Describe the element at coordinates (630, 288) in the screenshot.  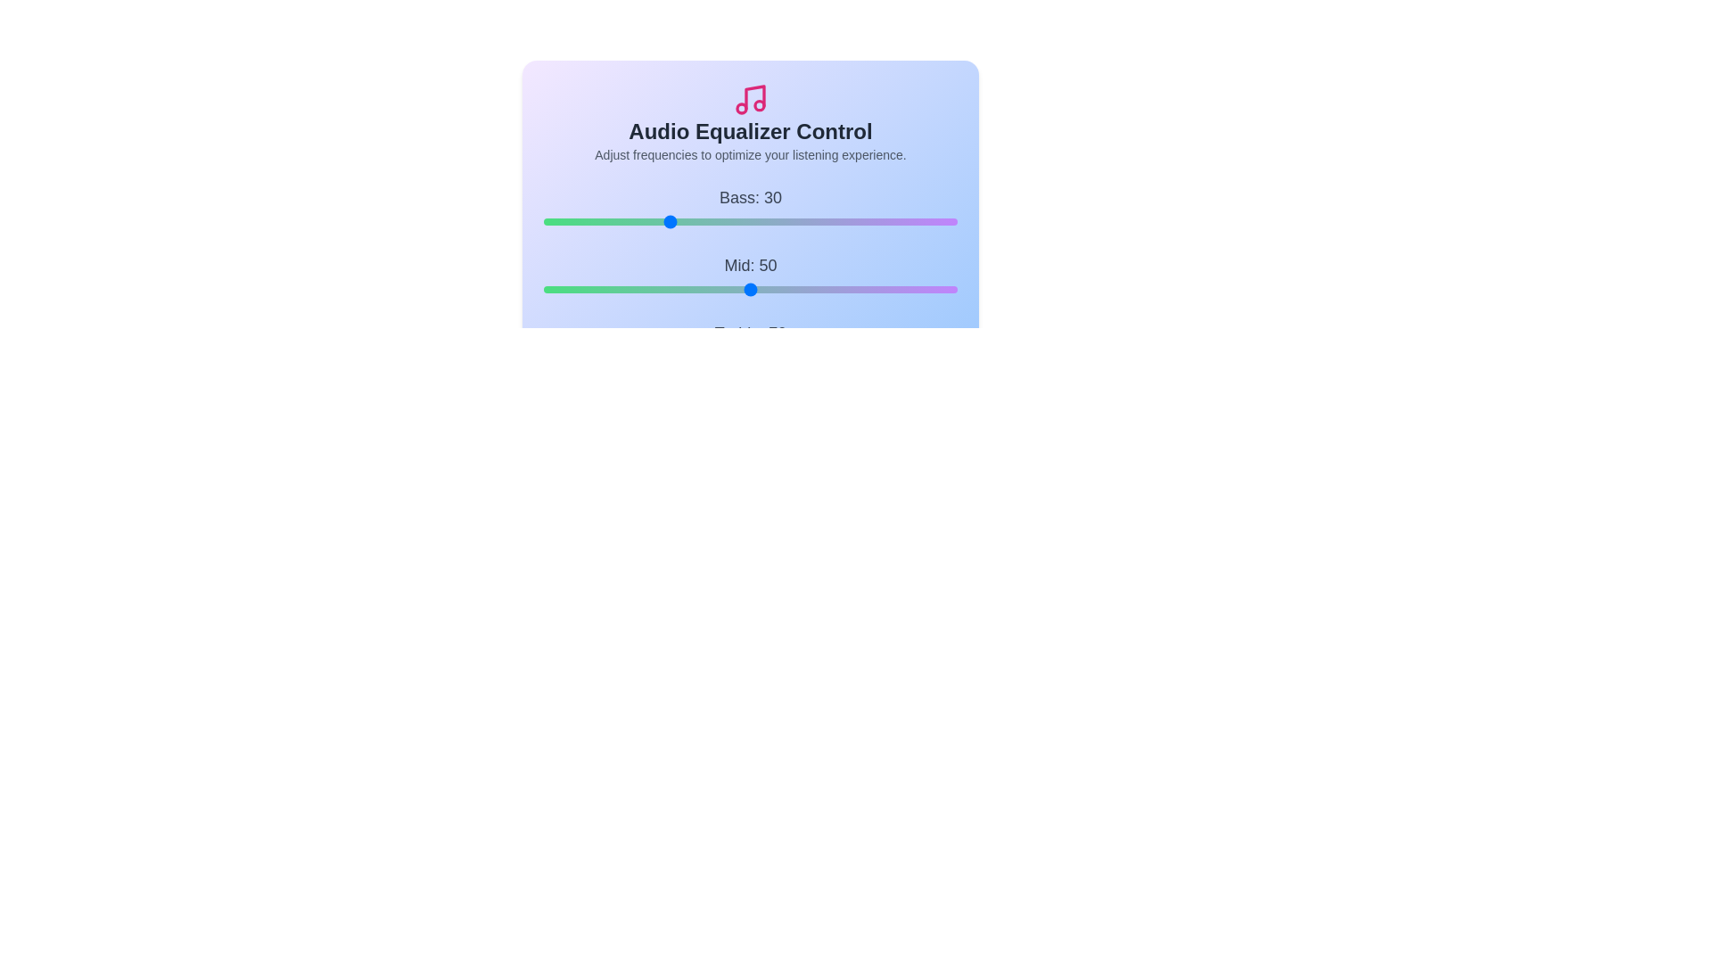
I see `the 'Mid' slider to set the midrange level to 21` at that location.